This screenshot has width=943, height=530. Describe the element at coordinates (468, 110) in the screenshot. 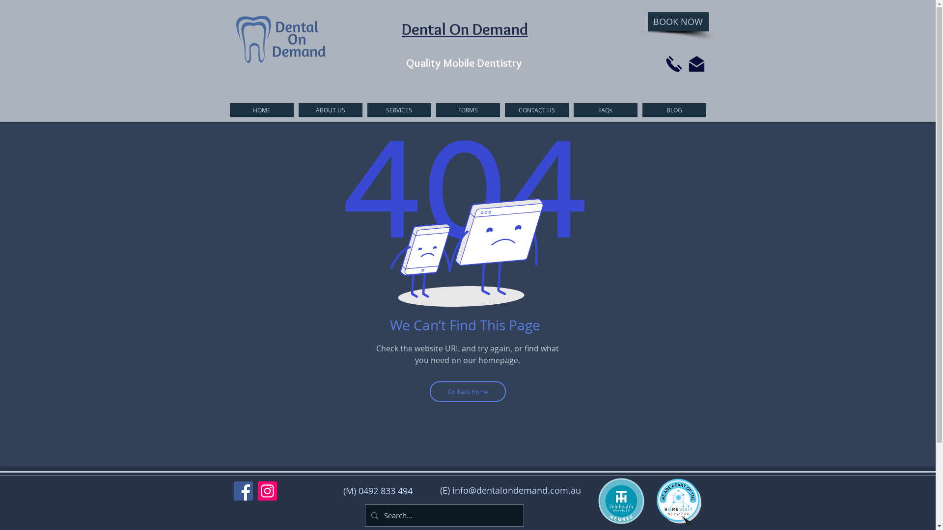

I see `'FORMS'` at that location.